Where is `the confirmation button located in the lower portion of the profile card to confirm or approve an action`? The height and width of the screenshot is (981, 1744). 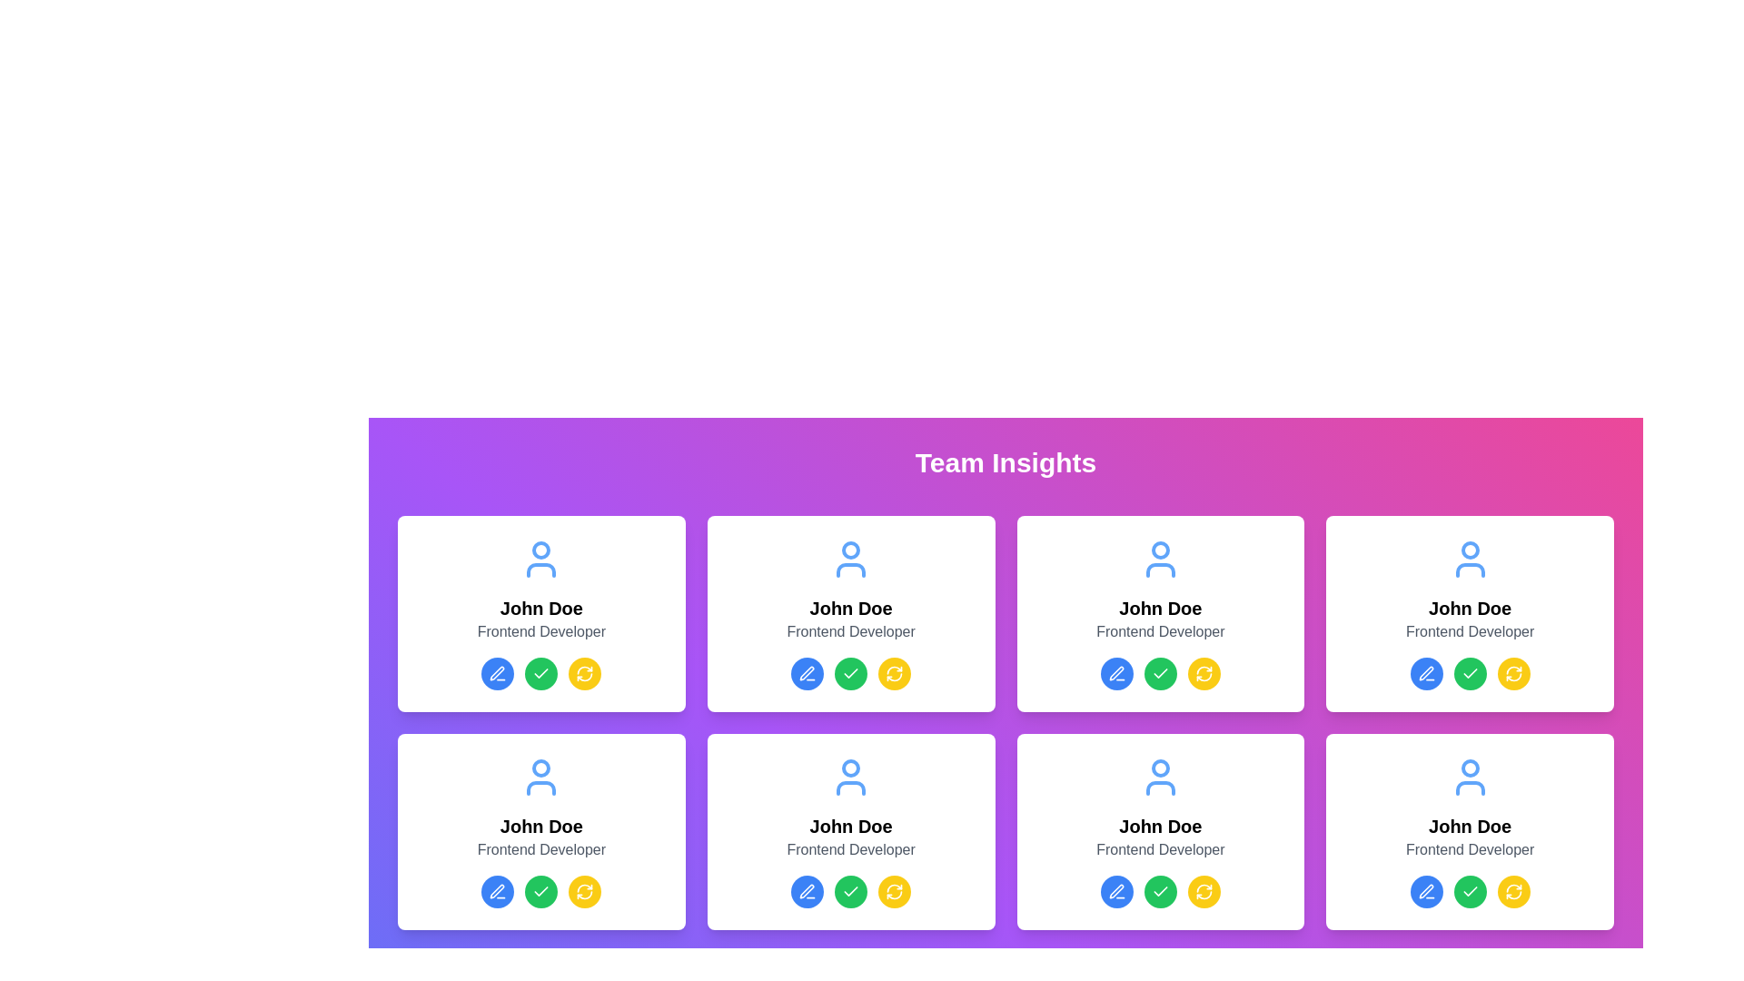 the confirmation button located in the lower portion of the profile card to confirm or approve an action is located at coordinates (850, 891).